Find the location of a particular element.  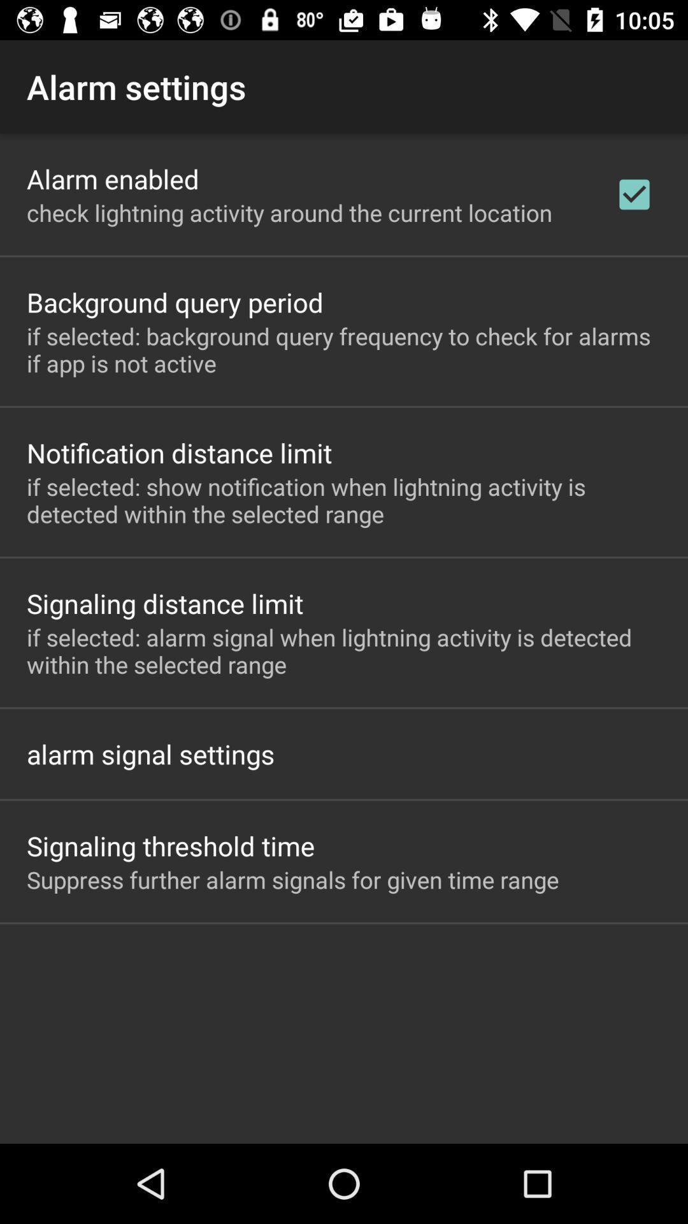

the app below alarm signal settings icon is located at coordinates (170, 845).